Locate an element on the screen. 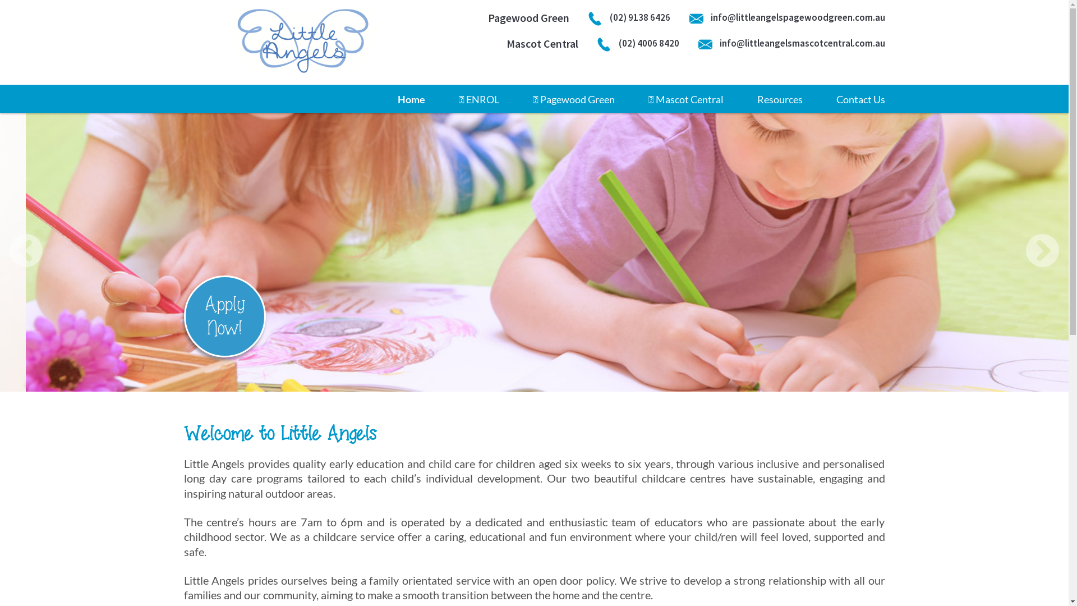 This screenshot has height=606, width=1077. '(02) 9138 6426' is located at coordinates (629, 17).